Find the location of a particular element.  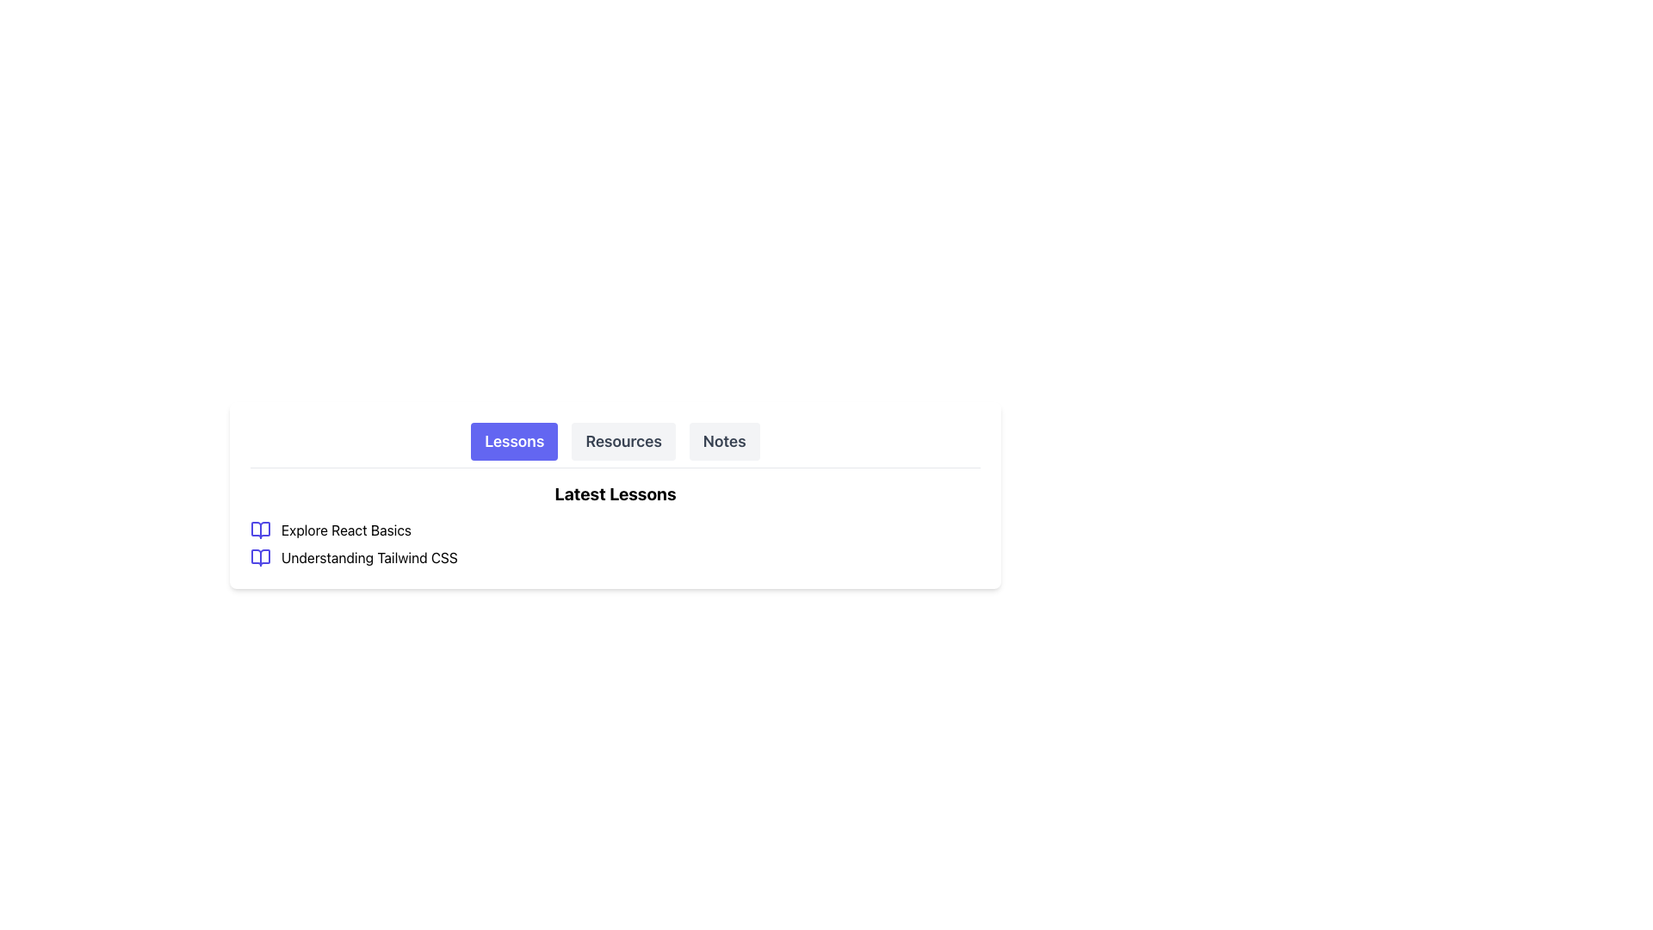

the SVG Icon representing a book or learning, located next to 'Understanding Tailwind CSS' under the 'Latest Lessons' heading is located at coordinates (259, 558).